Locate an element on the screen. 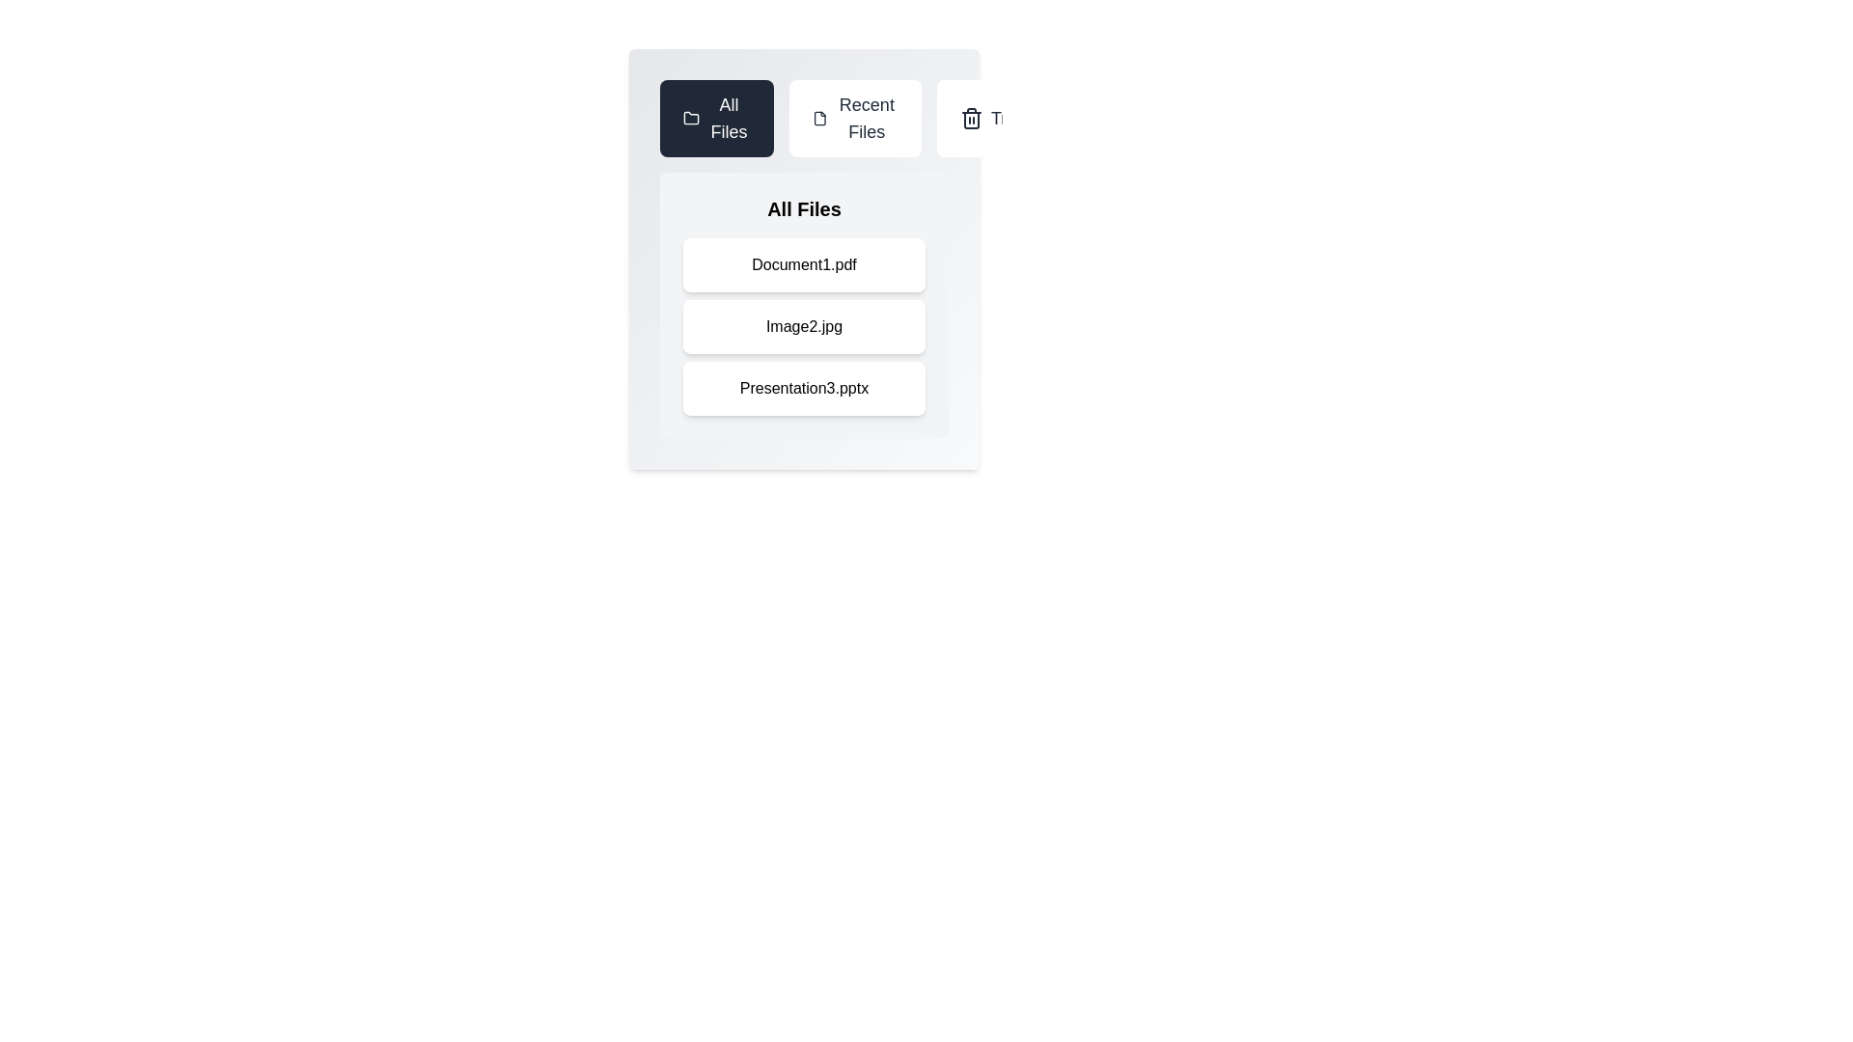 The image size is (1853, 1042). the tab labeled Trash is located at coordinates (997, 119).